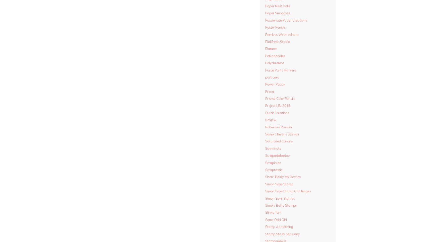 This screenshot has height=242, width=425. I want to click on 'Project Life 2015', so click(278, 106).